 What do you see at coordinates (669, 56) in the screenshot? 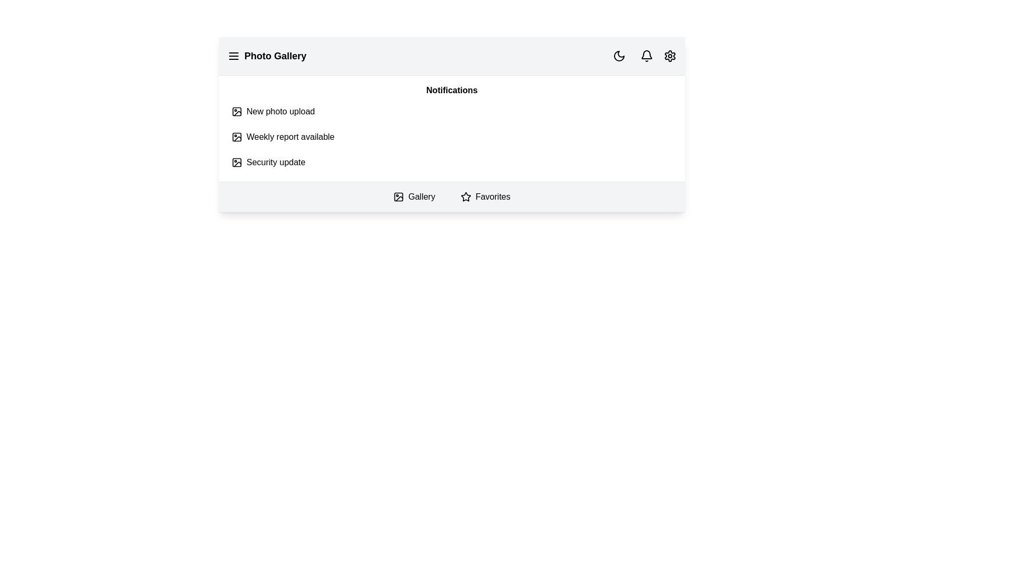
I see `the settings icon located at the top-right corner of the app bar` at bounding box center [669, 56].